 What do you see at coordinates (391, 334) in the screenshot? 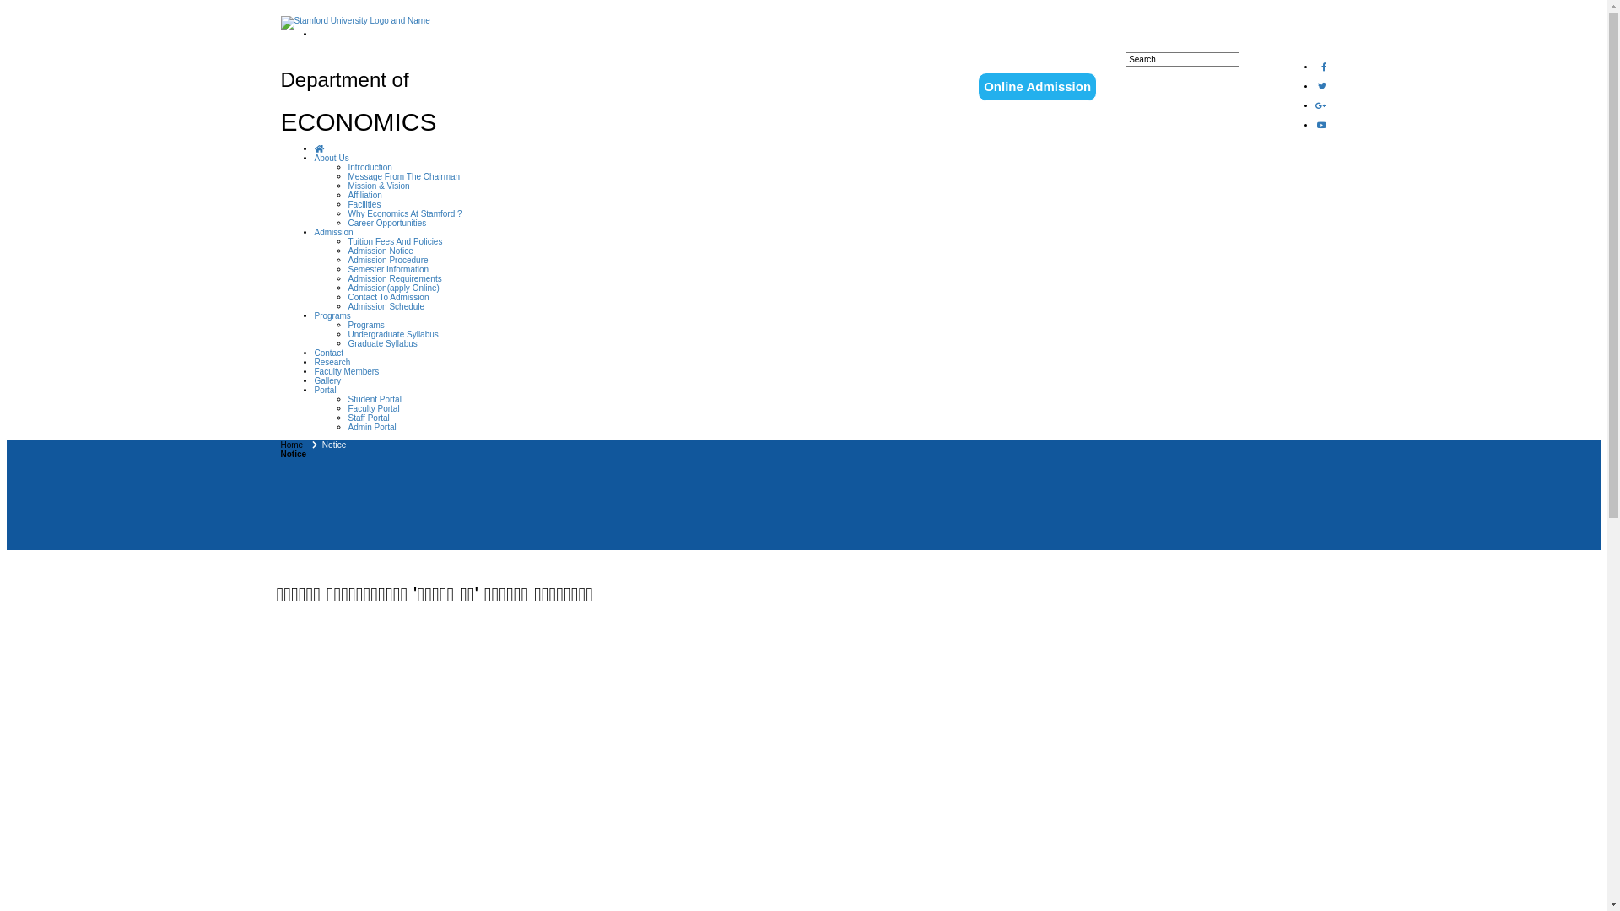
I see `'Undergraduate Syllabus'` at bounding box center [391, 334].